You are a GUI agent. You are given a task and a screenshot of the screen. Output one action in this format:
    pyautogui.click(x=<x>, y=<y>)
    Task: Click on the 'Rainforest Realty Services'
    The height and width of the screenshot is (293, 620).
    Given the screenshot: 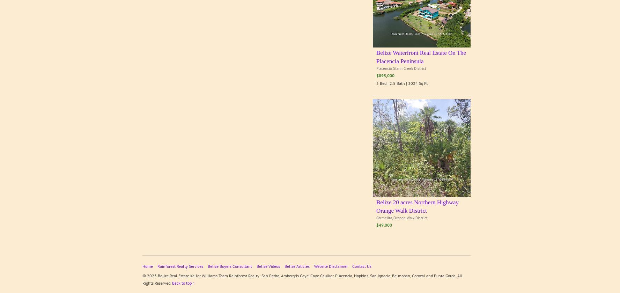 What is the action you would take?
    pyautogui.click(x=180, y=266)
    